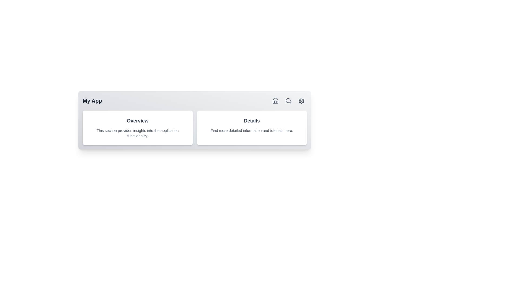 The height and width of the screenshot is (292, 519). What do you see at coordinates (288, 101) in the screenshot?
I see `the magnifying glass icon located at the top-right corner of the UI` at bounding box center [288, 101].